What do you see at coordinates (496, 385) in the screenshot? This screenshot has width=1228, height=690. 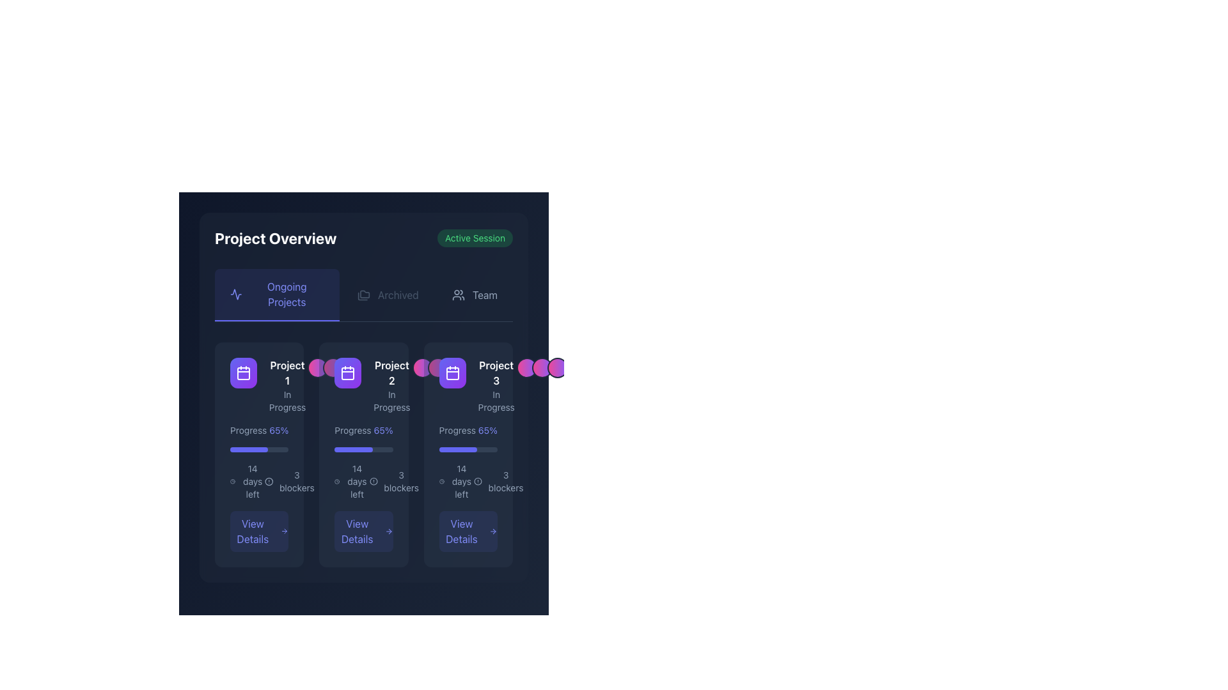 I see `the Display text element that shows 'Project 3' in bold white font followed by 'In Progress' in gray font, located in the third position of the project status cards in the 'Ongoing Projects' section` at bounding box center [496, 385].